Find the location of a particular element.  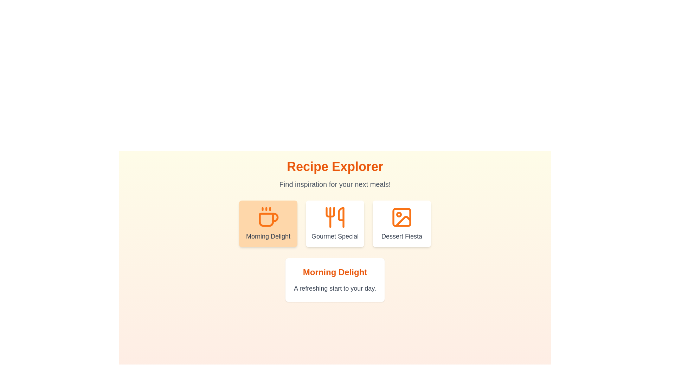

the 'Gourmet Special' card is located at coordinates (335, 224).